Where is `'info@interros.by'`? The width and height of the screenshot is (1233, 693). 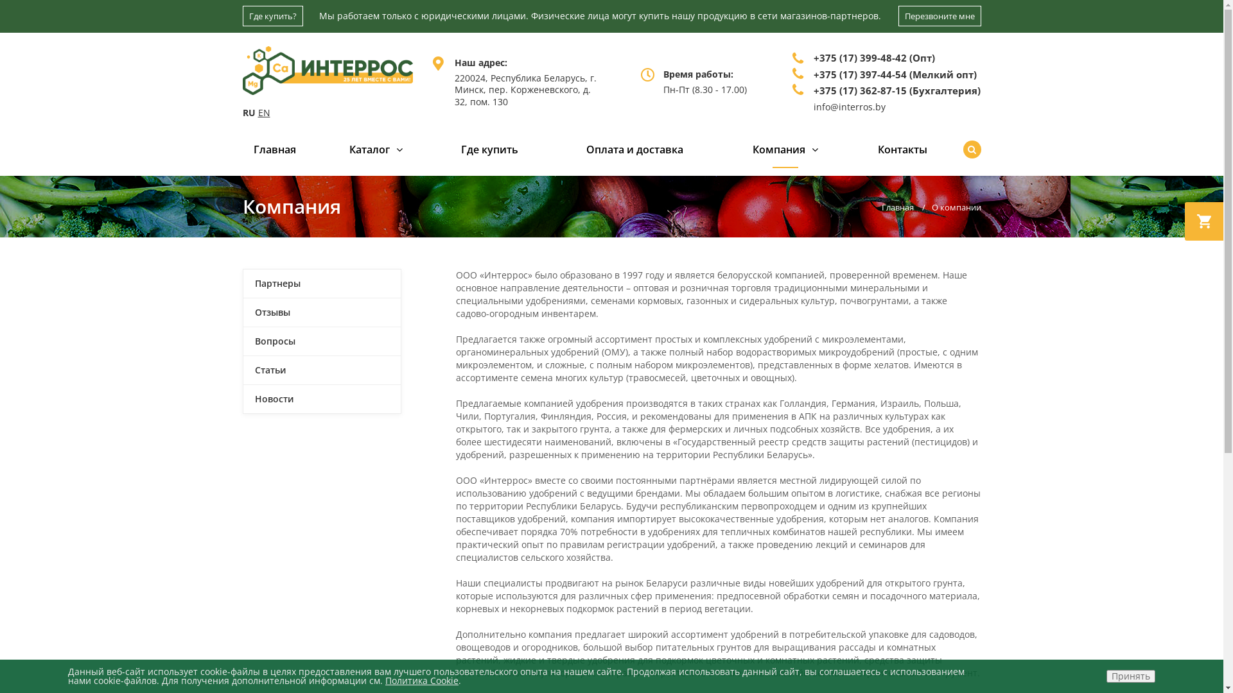 'info@interros.by' is located at coordinates (850, 105).